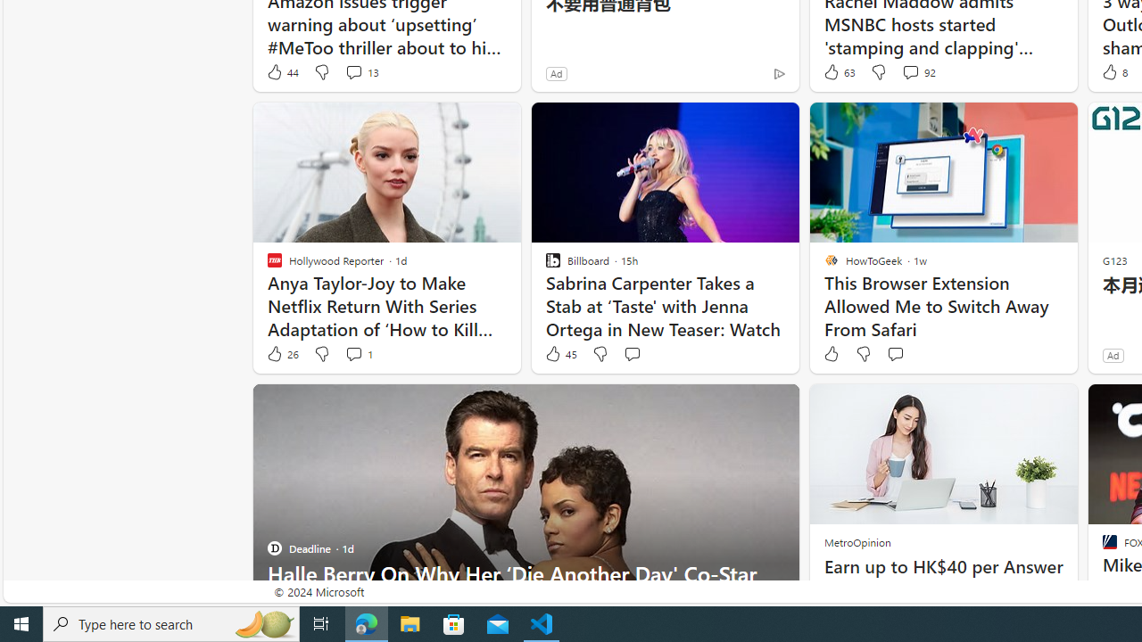  Describe the element at coordinates (910, 71) in the screenshot. I see `'View comments 92 Comment'` at that location.